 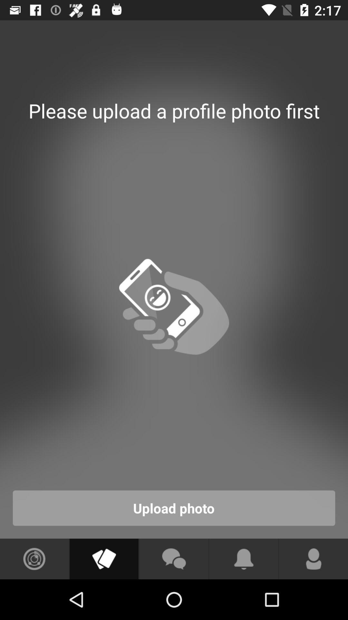 What do you see at coordinates (244, 559) in the screenshot?
I see `the notifications icon` at bounding box center [244, 559].